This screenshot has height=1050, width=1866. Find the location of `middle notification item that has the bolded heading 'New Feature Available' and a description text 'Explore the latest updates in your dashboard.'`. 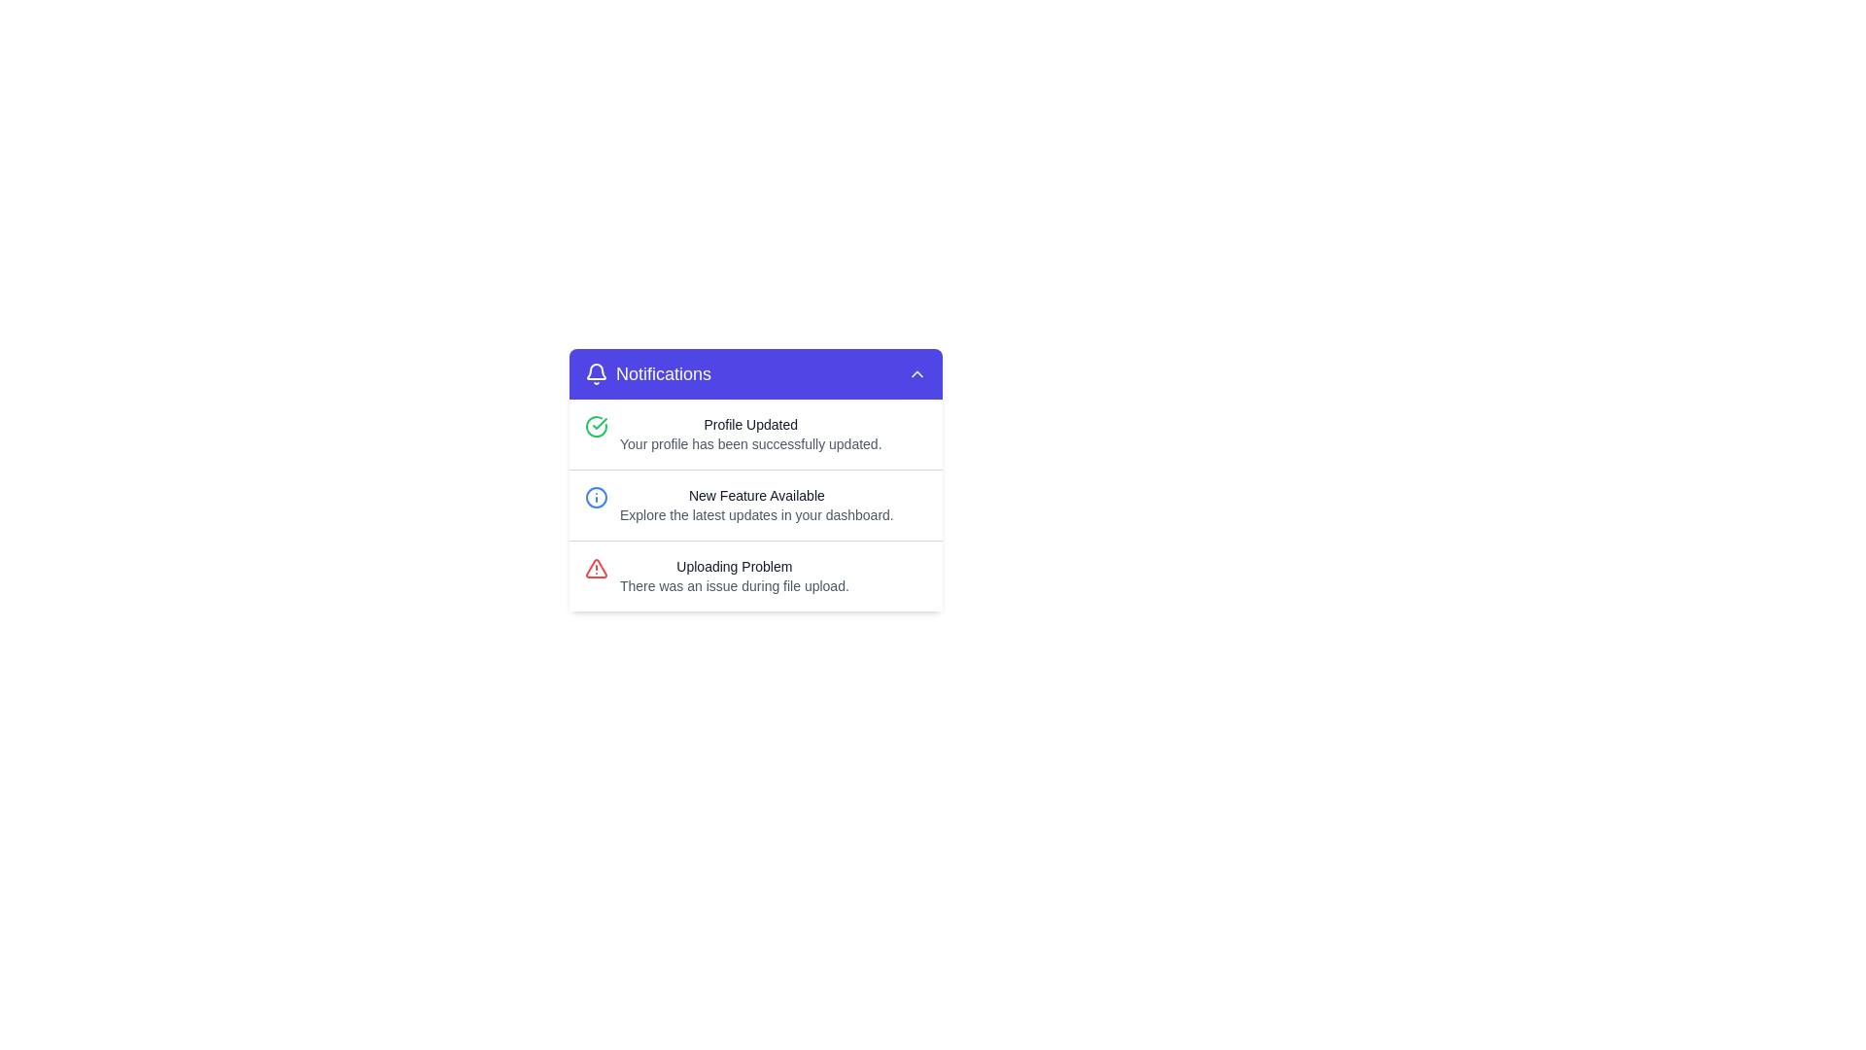

middle notification item that has the bolded heading 'New Feature Available' and a description text 'Explore the latest updates in your dashboard.' is located at coordinates (754, 505).